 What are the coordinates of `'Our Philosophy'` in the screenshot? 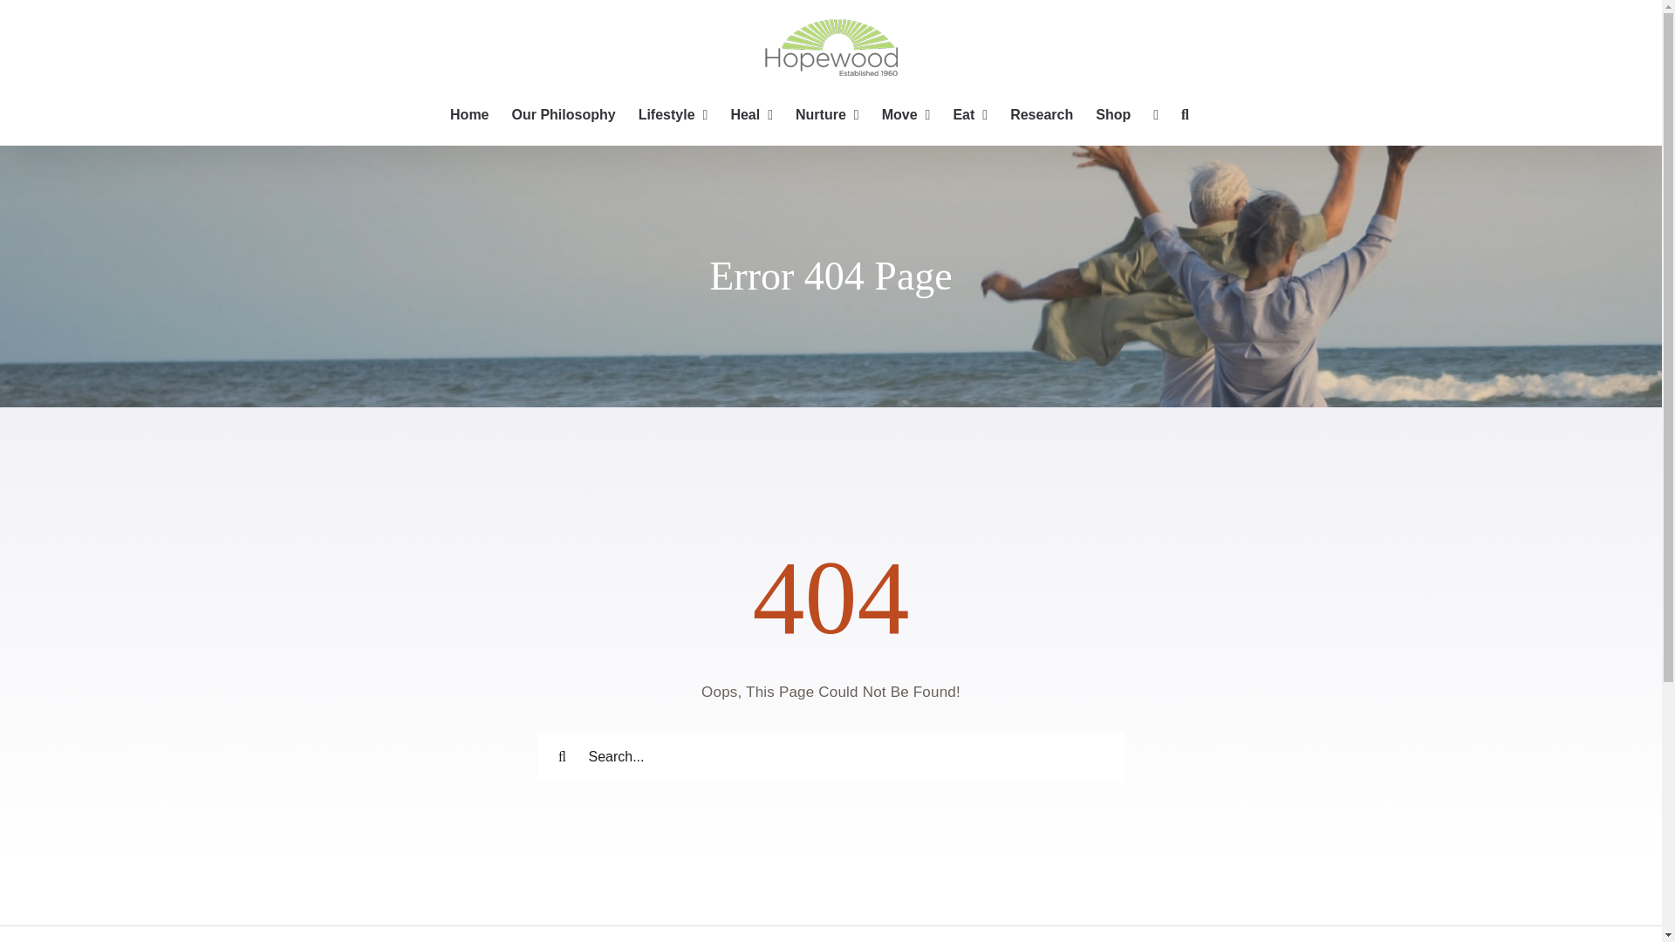 It's located at (563, 114).